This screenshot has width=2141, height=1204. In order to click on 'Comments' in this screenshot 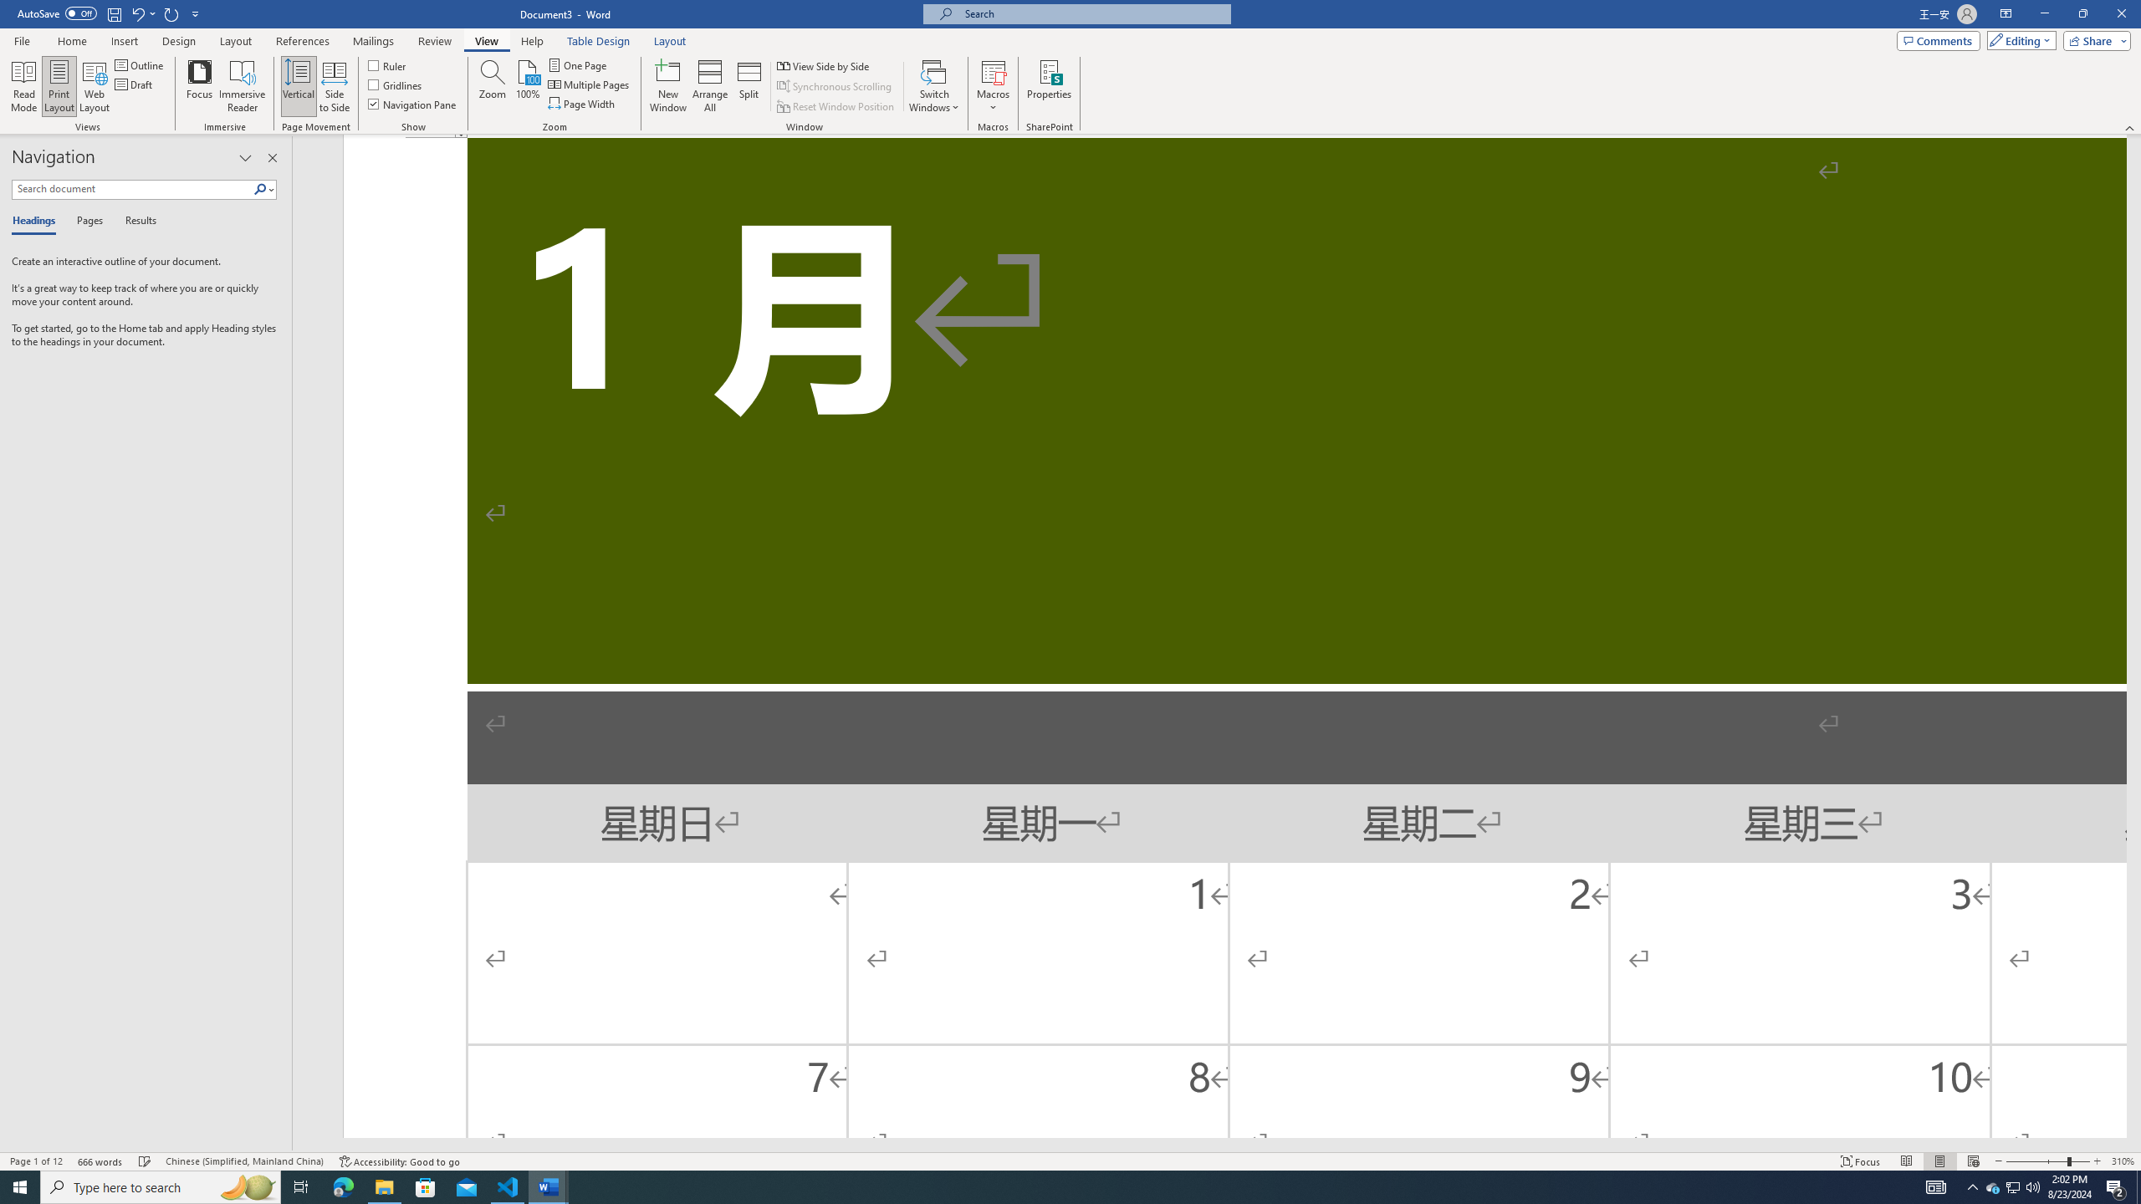, I will do `click(1939, 39)`.